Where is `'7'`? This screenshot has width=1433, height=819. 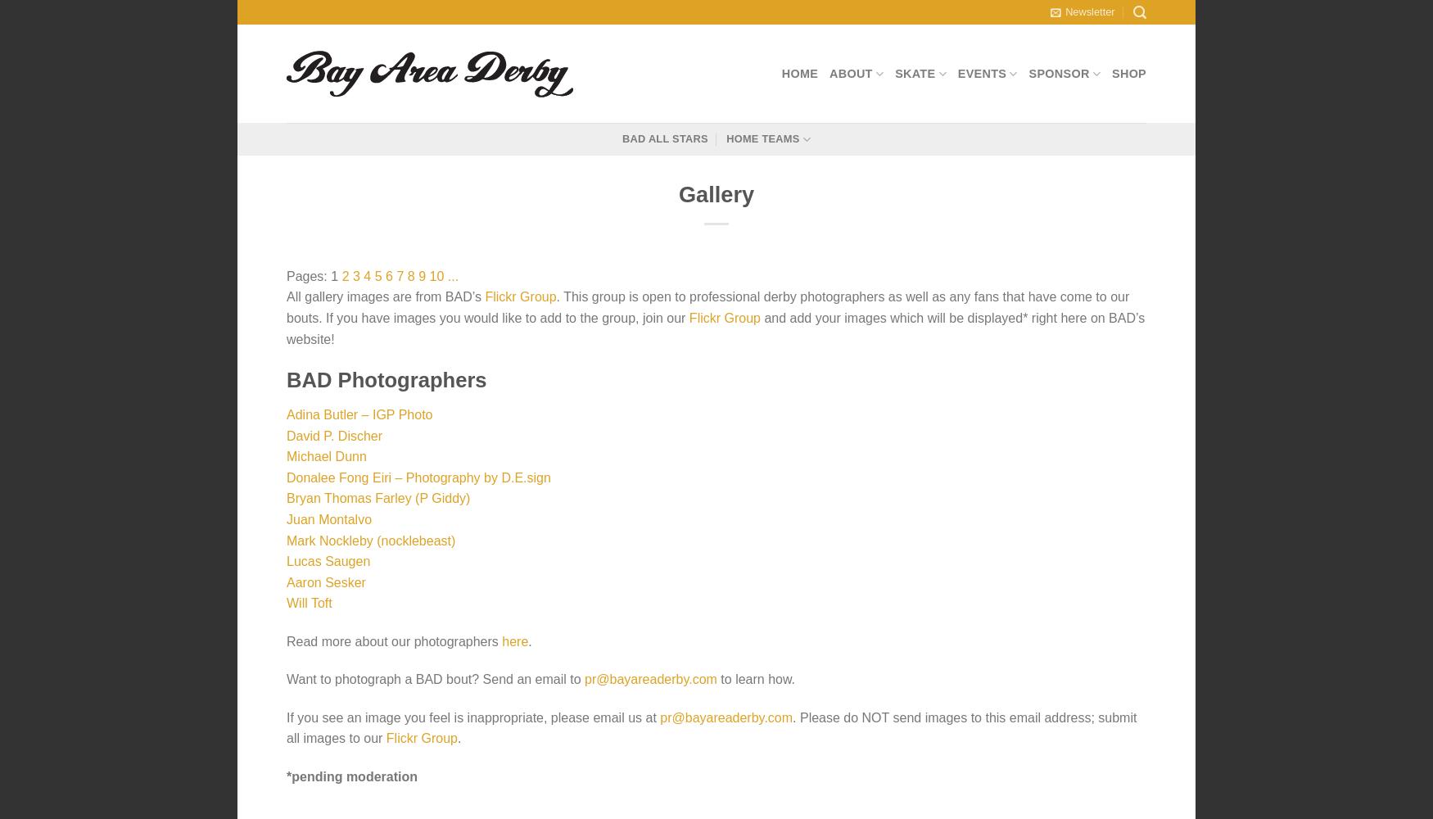
'7' is located at coordinates (400, 274).